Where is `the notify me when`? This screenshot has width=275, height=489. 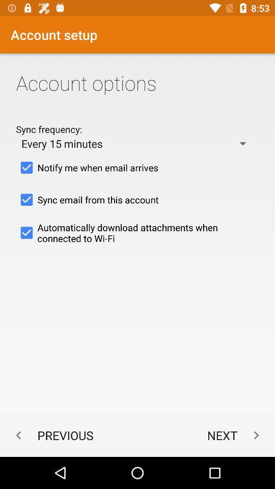
the notify me when is located at coordinates (137, 168).